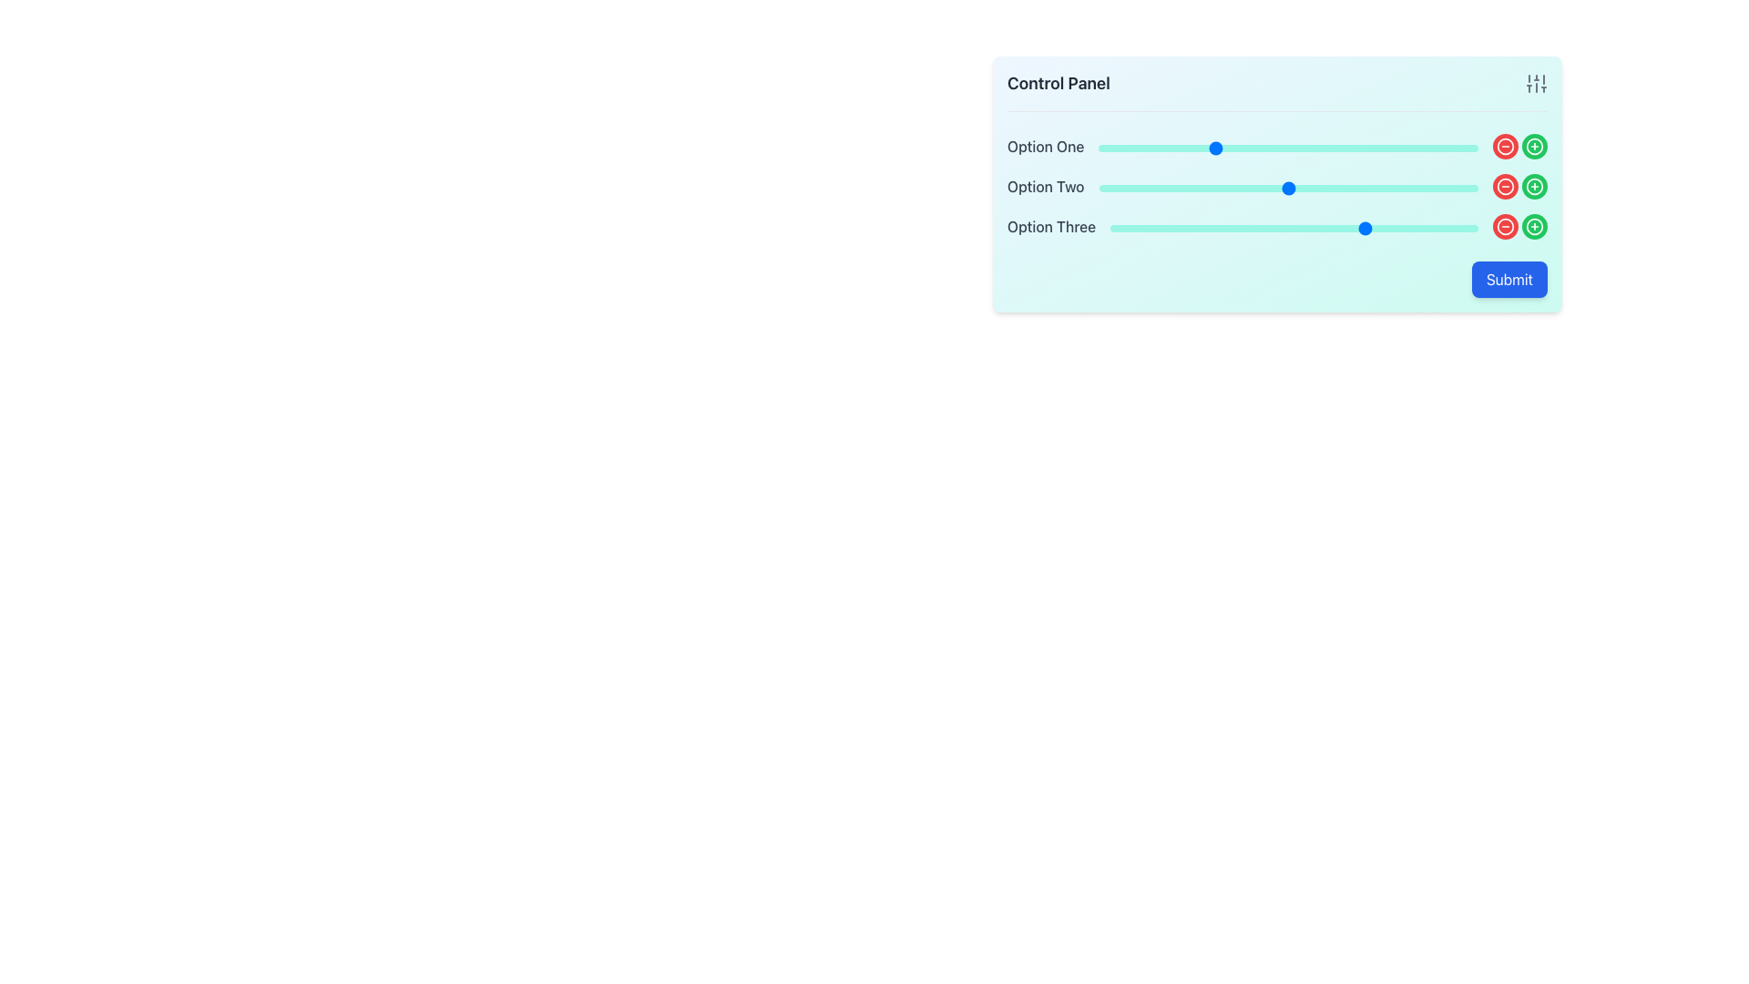 The width and height of the screenshot is (1749, 984). I want to click on the slider value, so click(1271, 227).